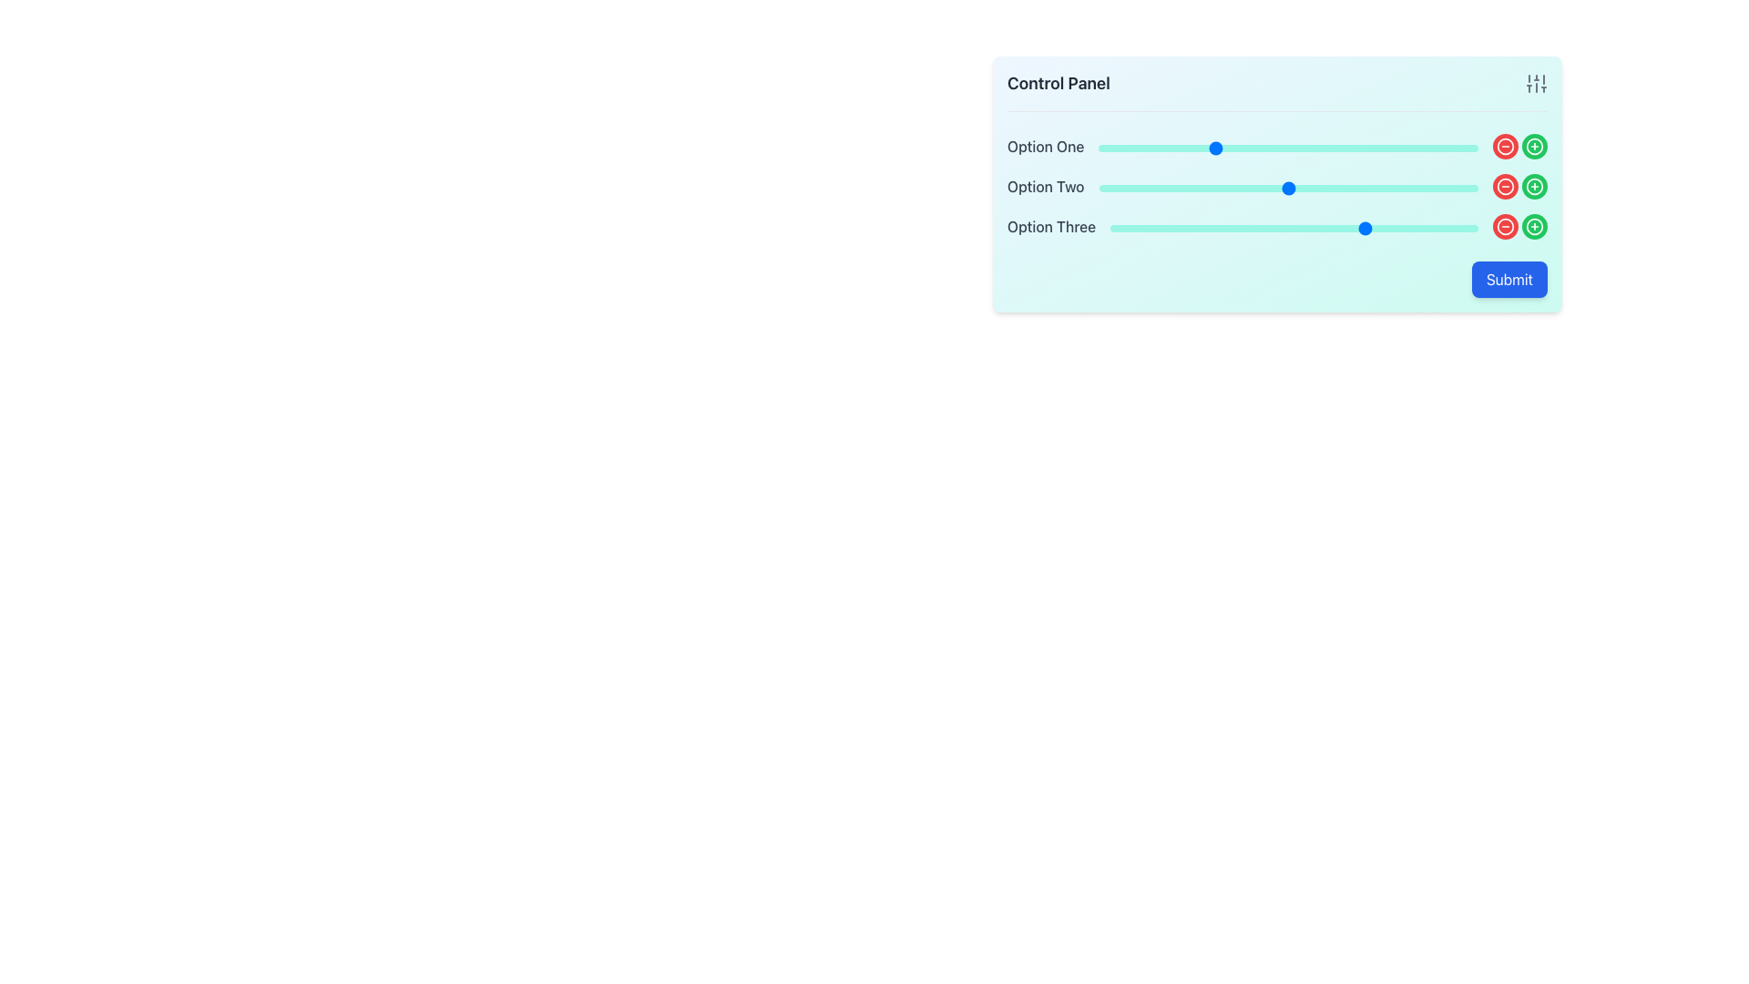 The width and height of the screenshot is (1749, 984). I want to click on the slider value, so click(1271, 227).